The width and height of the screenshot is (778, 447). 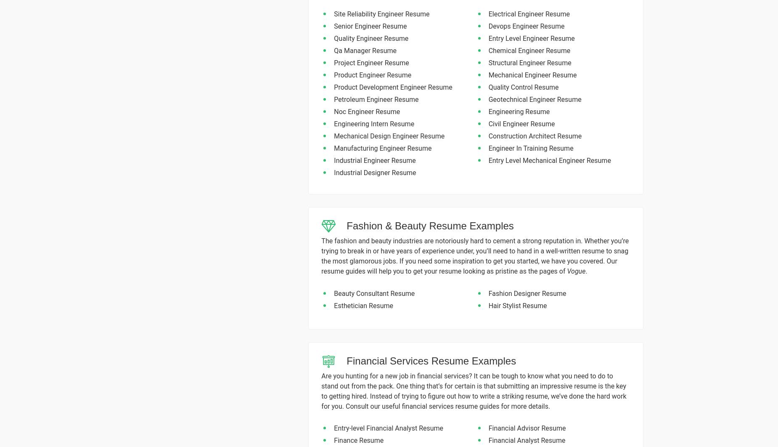 What do you see at coordinates (381, 13) in the screenshot?
I see `'Site Reliability Engineer Resume'` at bounding box center [381, 13].